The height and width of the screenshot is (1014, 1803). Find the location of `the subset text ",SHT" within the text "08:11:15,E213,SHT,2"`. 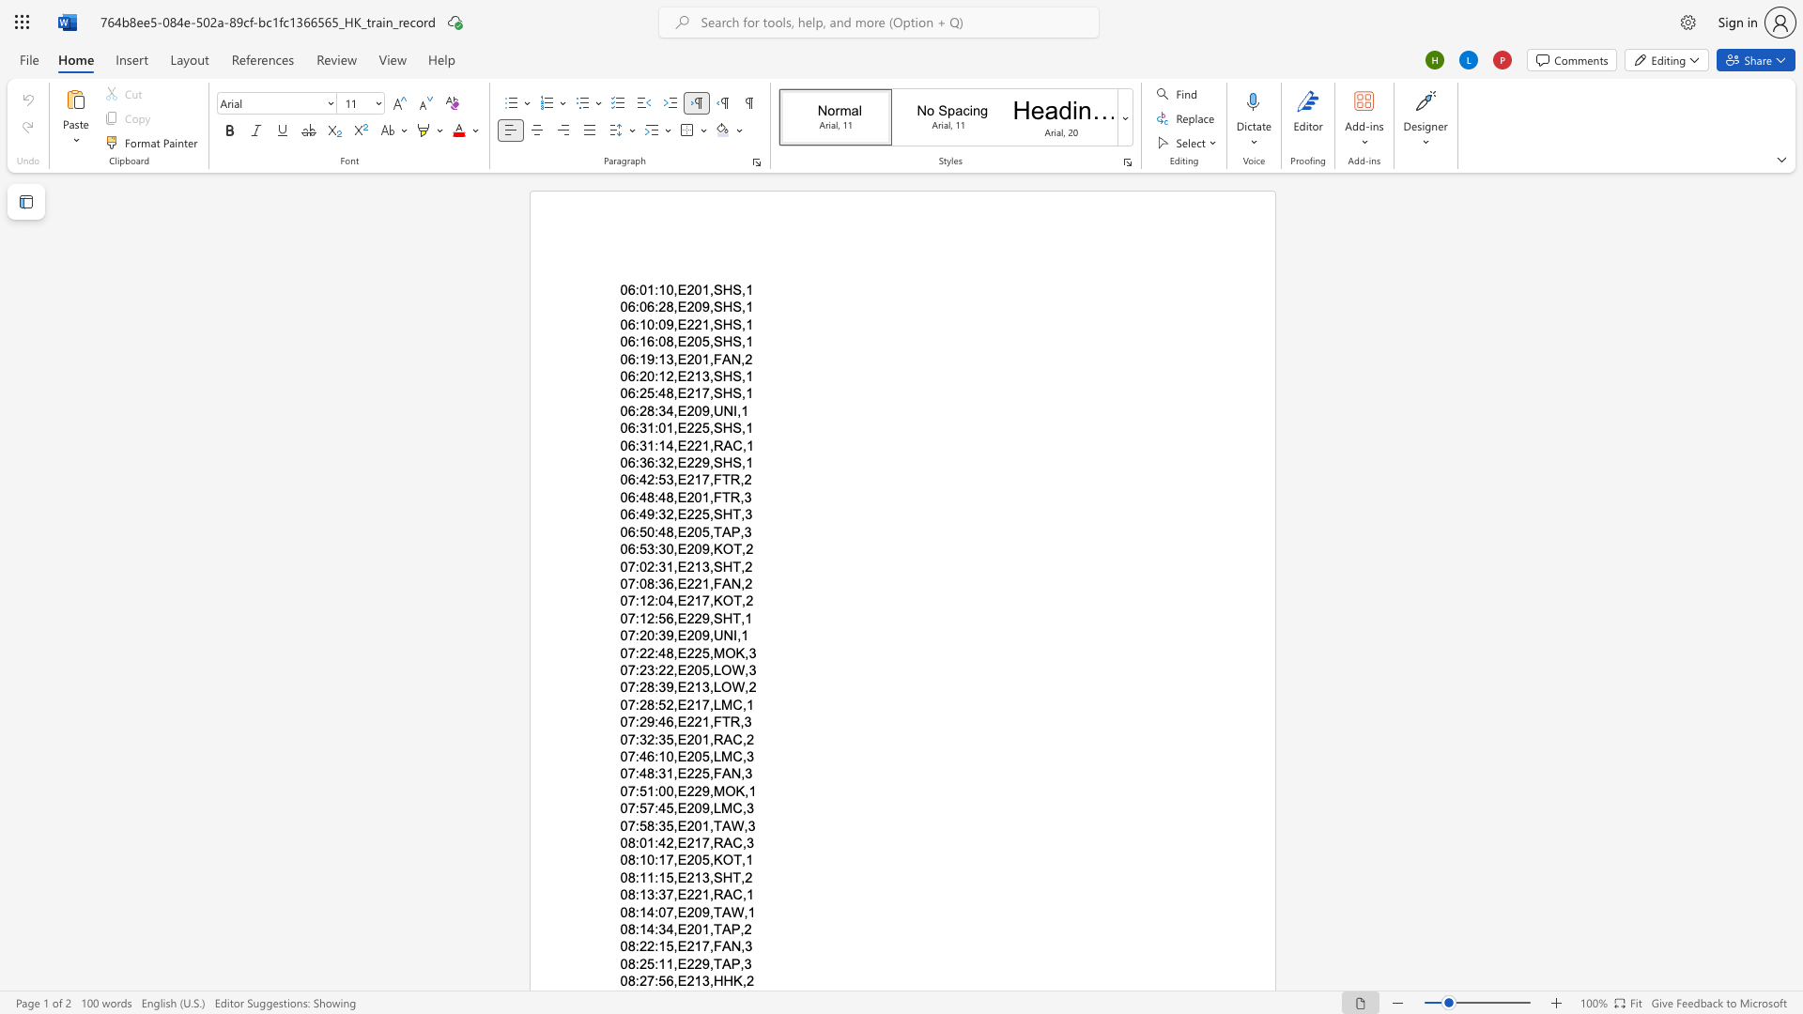

the subset text ",SHT" within the text "08:11:15,E213,SHT,2" is located at coordinates (708, 877).